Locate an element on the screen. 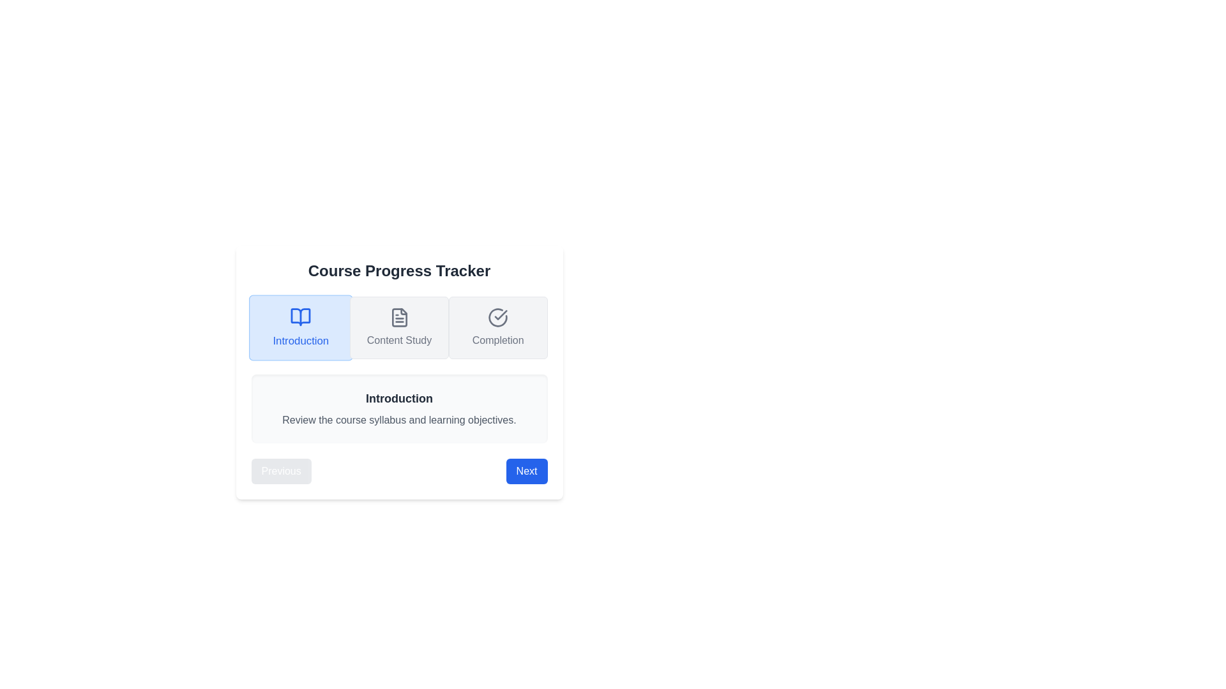 The image size is (1226, 689). the 'Content Study' button, which is a rectangular button with a light gray background and rounded corners, located in the middle of three buttons near the top-center of its section is located at coordinates (398, 327).